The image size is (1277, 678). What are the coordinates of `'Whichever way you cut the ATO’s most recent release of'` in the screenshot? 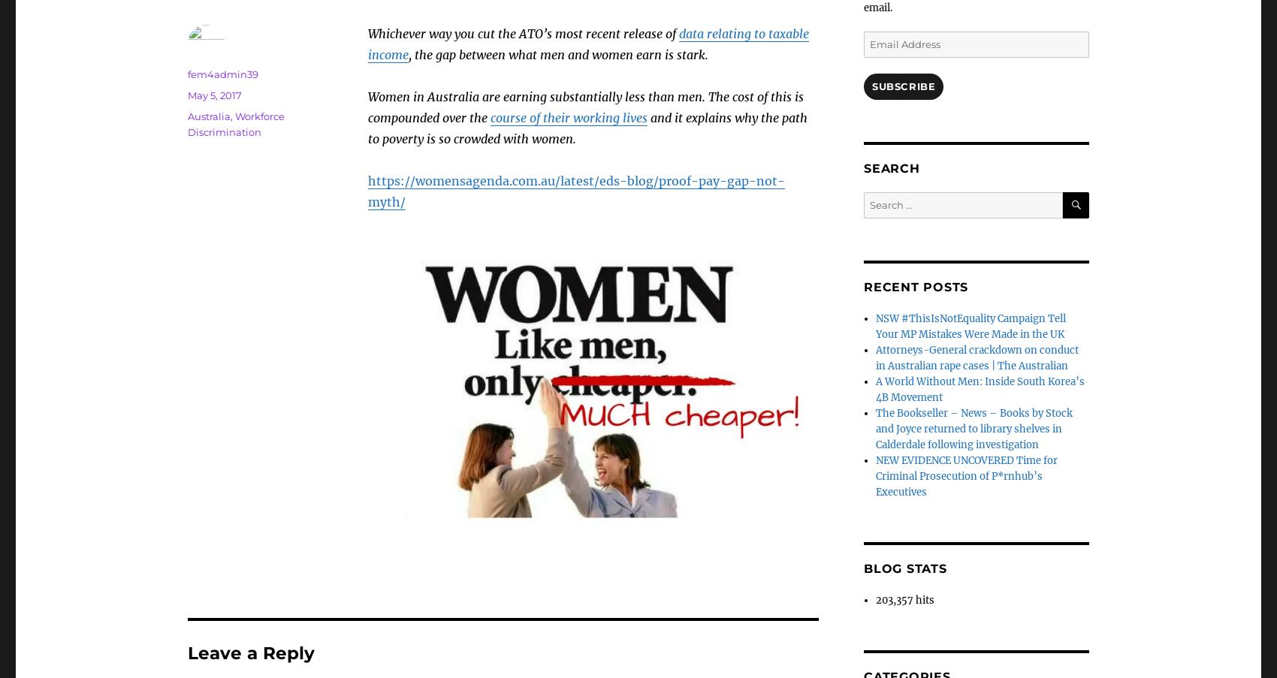 It's located at (524, 32).